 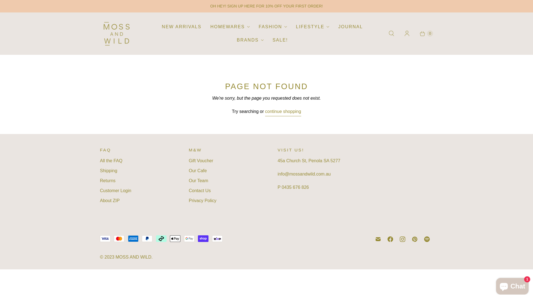 I want to click on 'JOURNAL', so click(x=350, y=27).